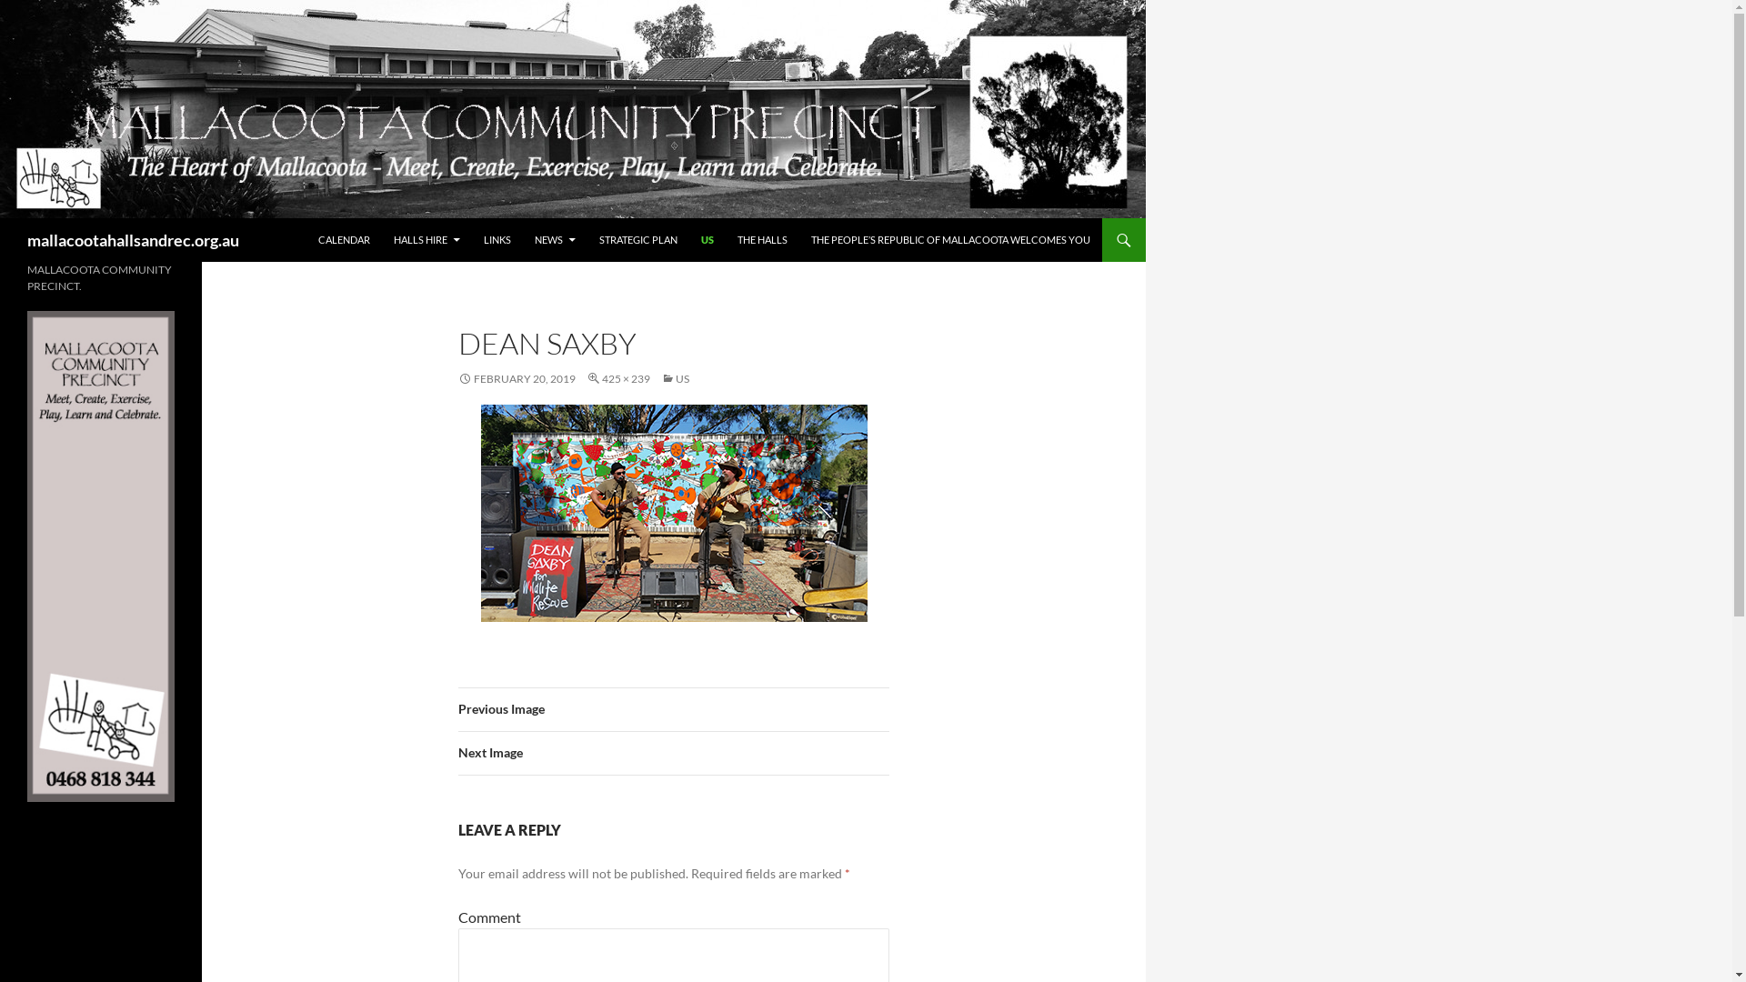  Describe the element at coordinates (497, 238) in the screenshot. I see `'LINKS'` at that location.